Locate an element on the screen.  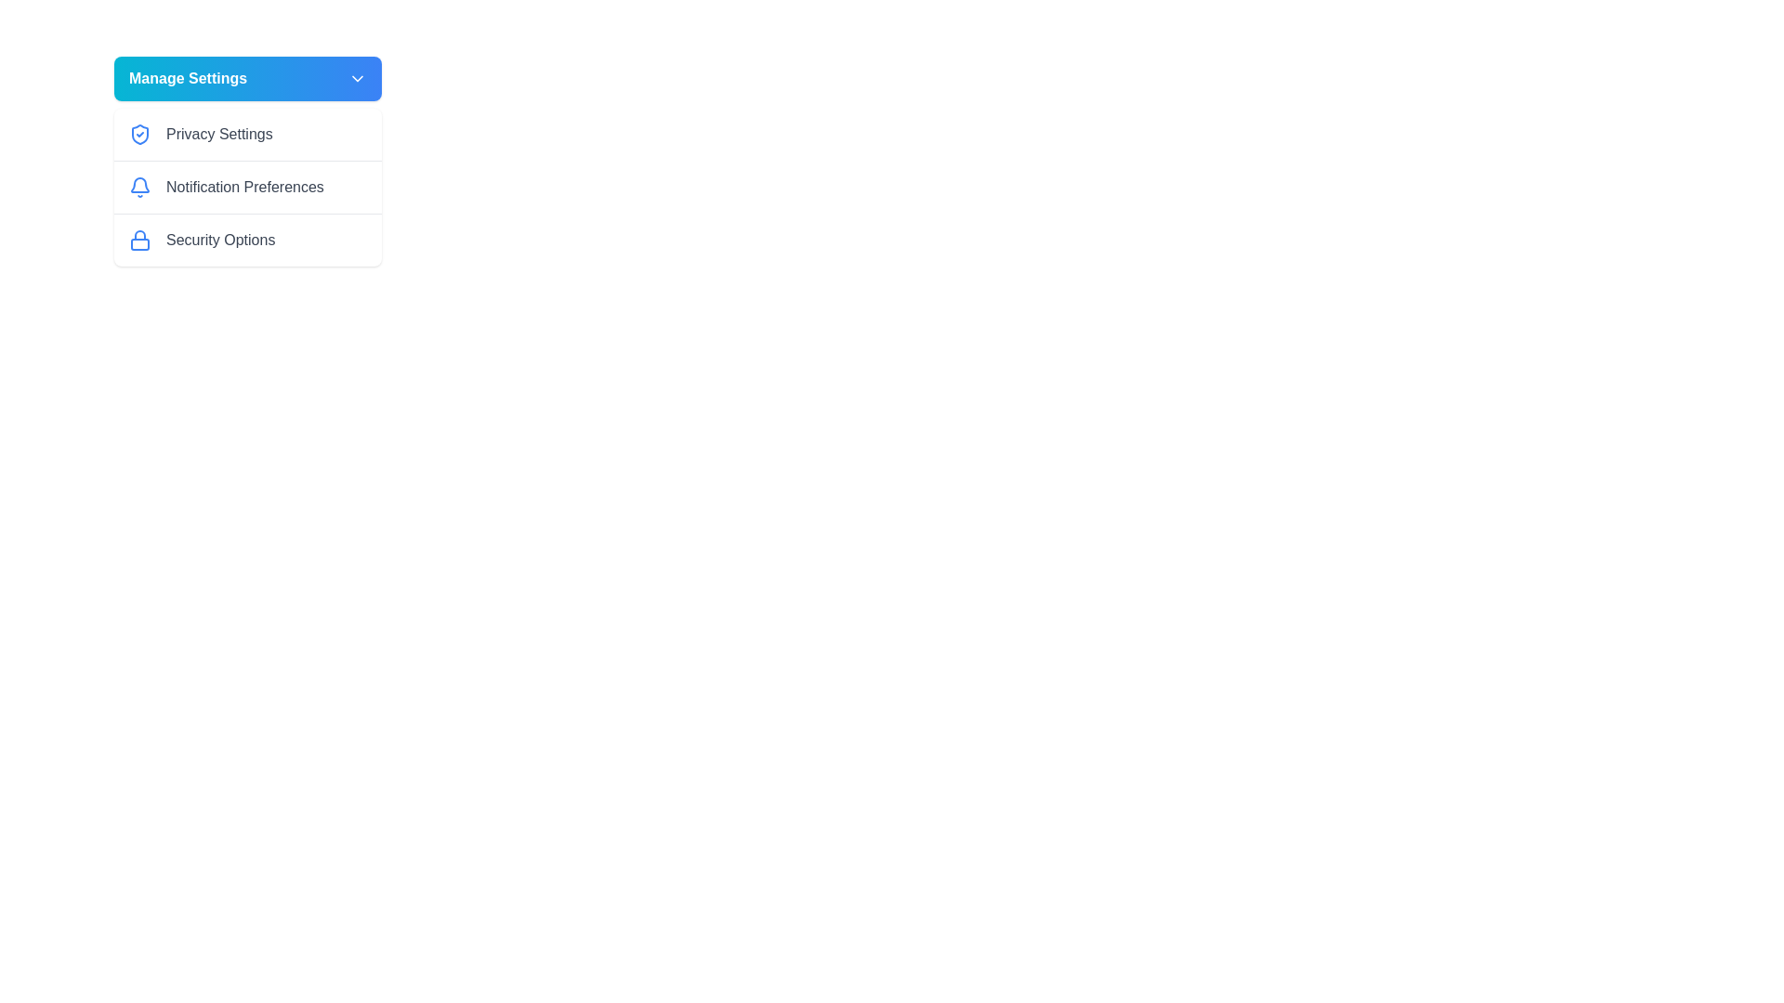
the Privacy Settings icon, which is located to the left of the 'Privacy Settings' text in a vertical menu for managing settings is located at coordinates (138, 134).